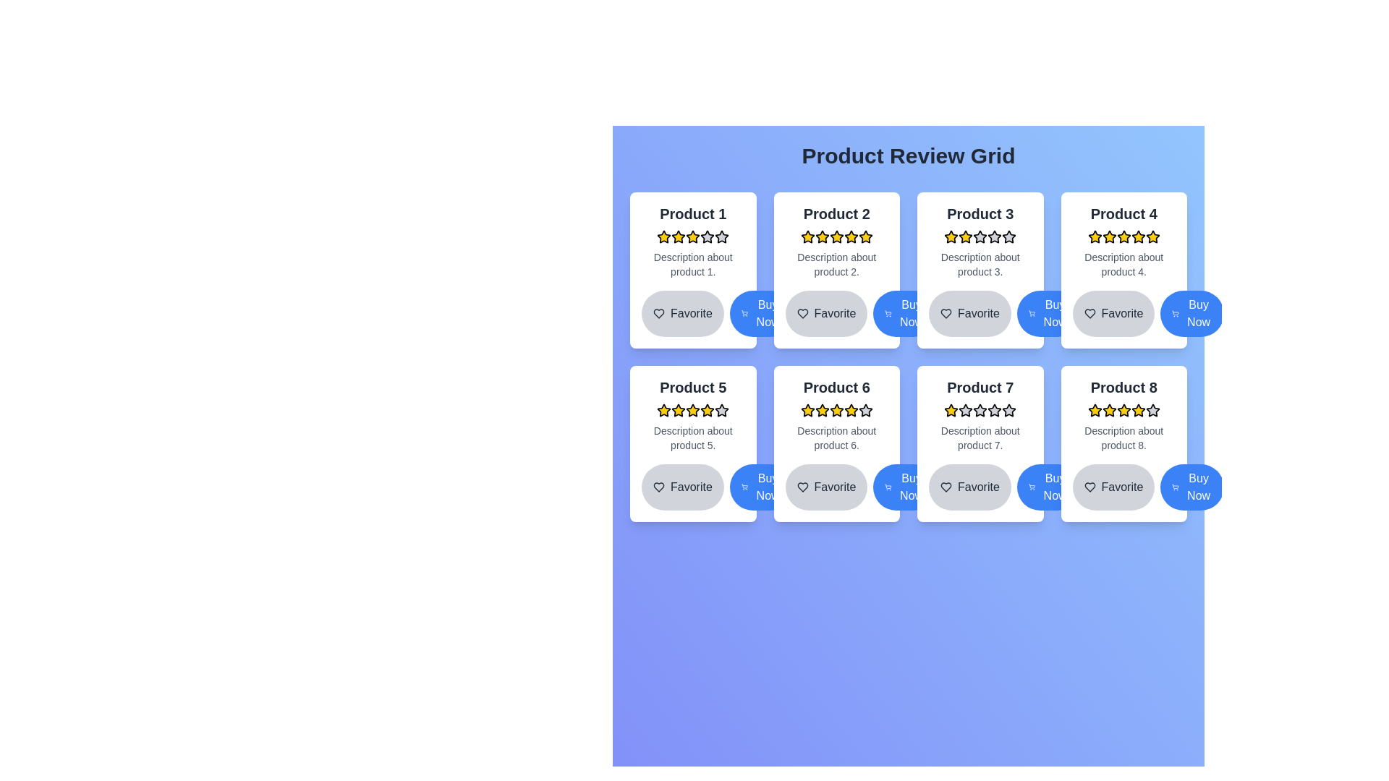  What do you see at coordinates (708, 236) in the screenshot?
I see `the second star icon in the first product rating row of the grid for 'Product 1'` at bounding box center [708, 236].